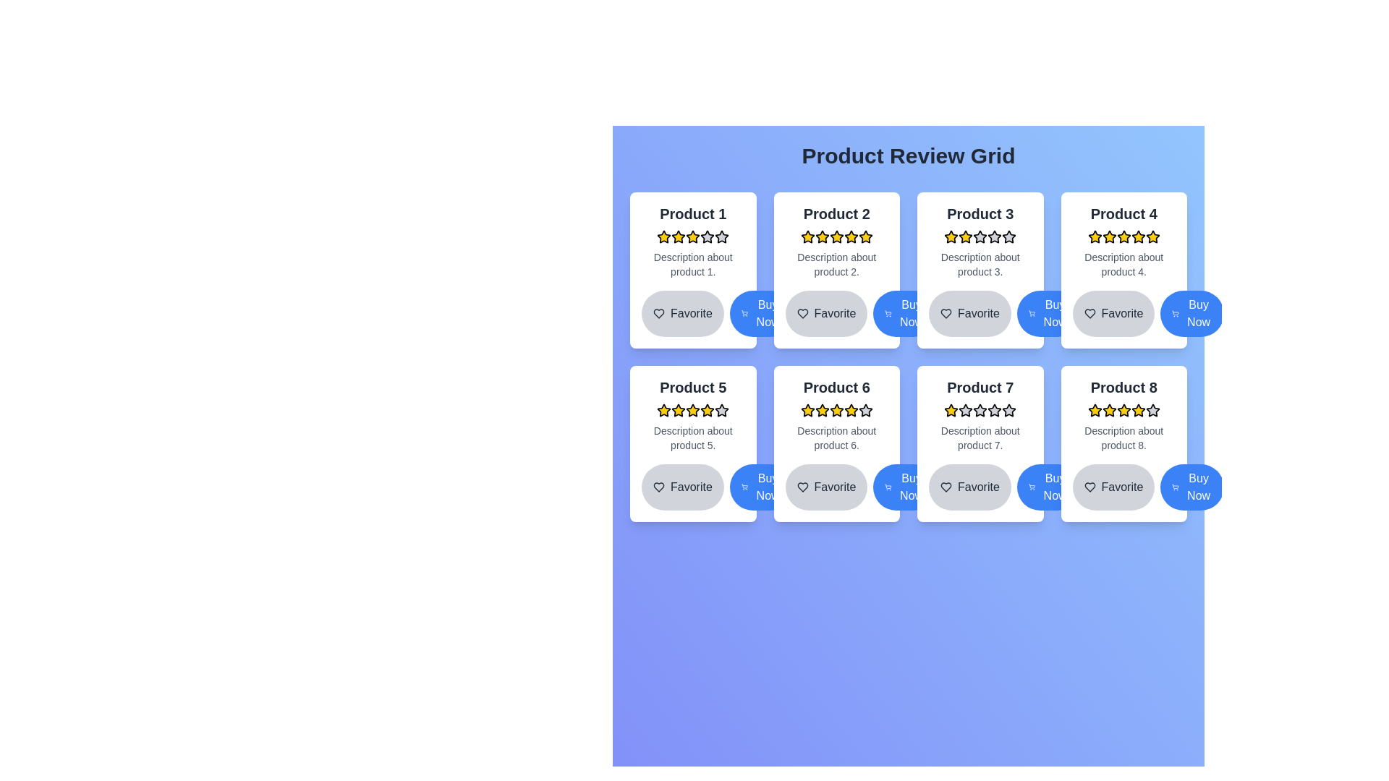  What do you see at coordinates (708, 236) in the screenshot?
I see `the second star icon in the first product rating row of the grid for 'Product 1'` at bounding box center [708, 236].